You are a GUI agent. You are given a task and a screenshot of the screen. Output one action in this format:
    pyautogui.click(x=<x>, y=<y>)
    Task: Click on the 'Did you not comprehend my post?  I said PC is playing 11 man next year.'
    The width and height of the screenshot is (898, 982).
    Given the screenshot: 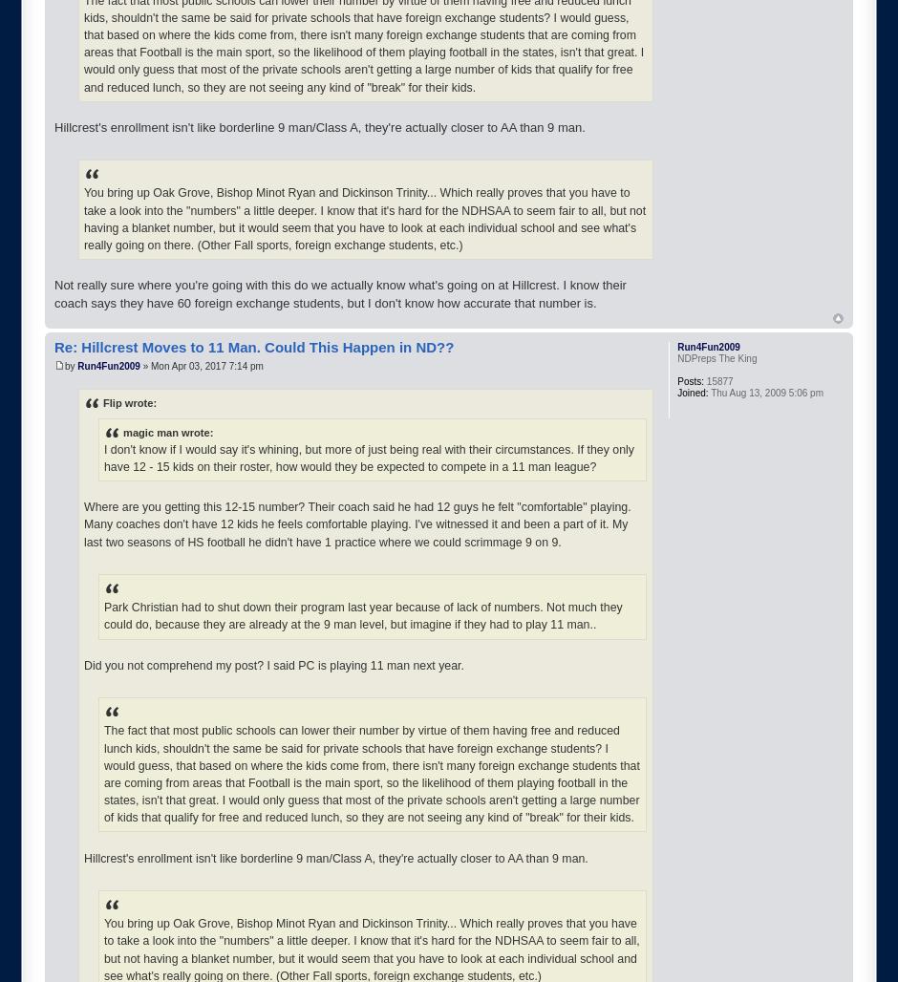 What is the action you would take?
    pyautogui.click(x=272, y=664)
    